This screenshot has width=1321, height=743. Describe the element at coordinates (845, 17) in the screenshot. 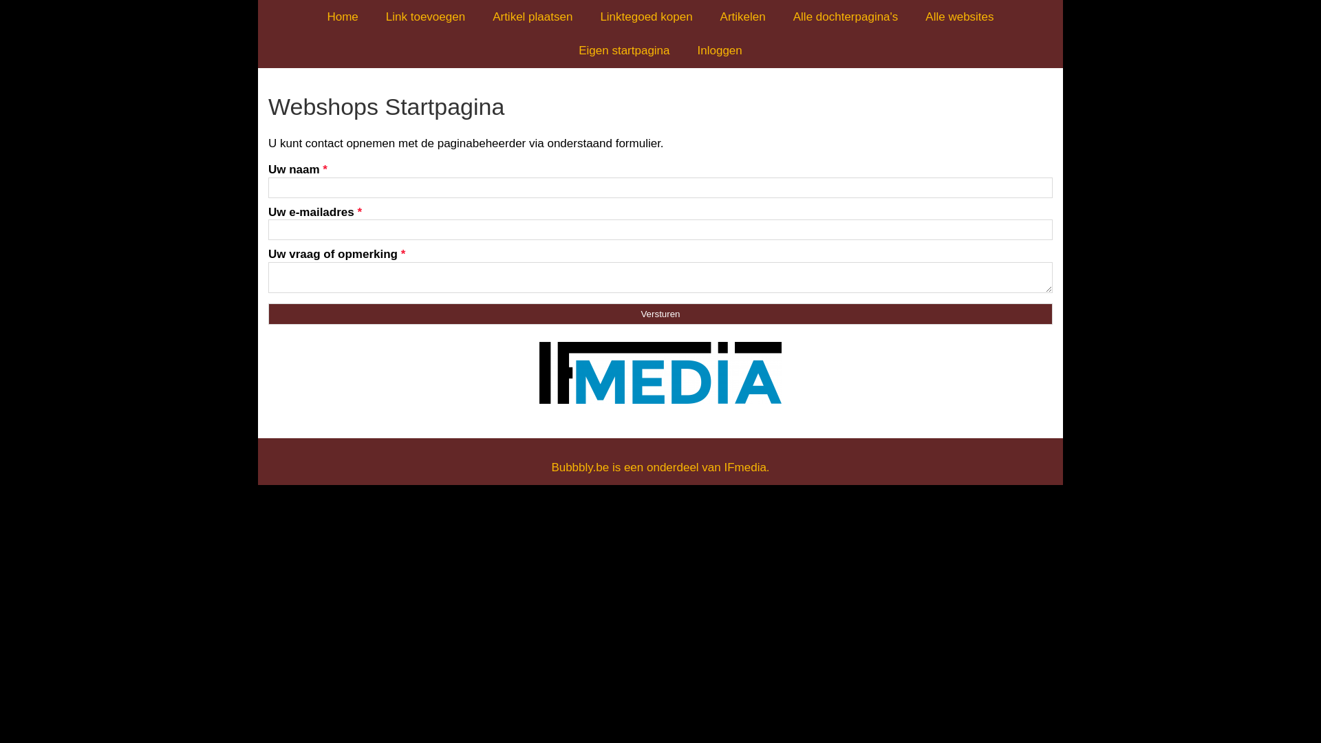

I see `'Alle dochterpagina's'` at that location.